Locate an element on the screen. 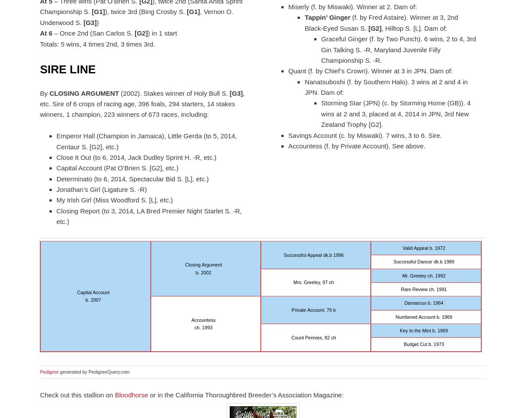 The height and width of the screenshot is (418, 526). 'or in the California Thoroughbred Breeder’s Association Magazine:' is located at coordinates (245, 394).